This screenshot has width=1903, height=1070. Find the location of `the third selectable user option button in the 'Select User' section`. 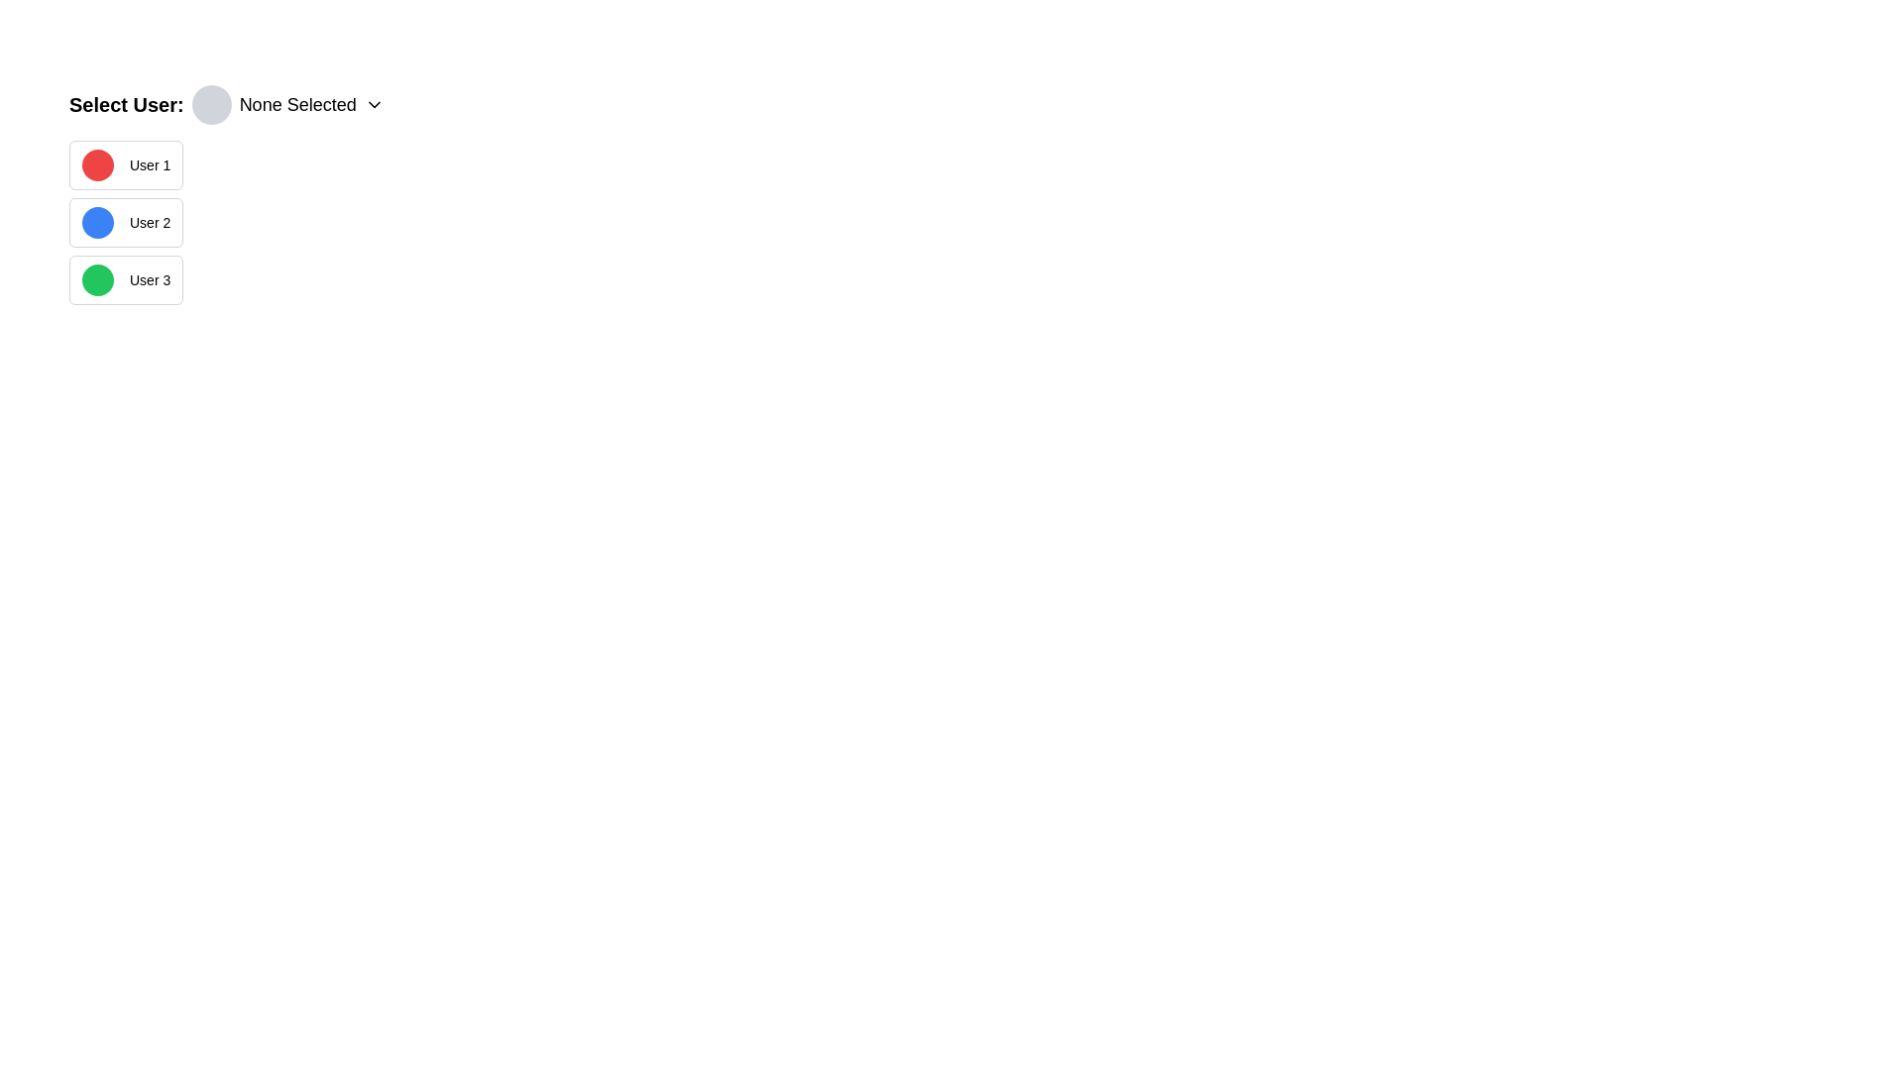

the third selectable user option button in the 'Select User' section is located at coordinates (125, 279).